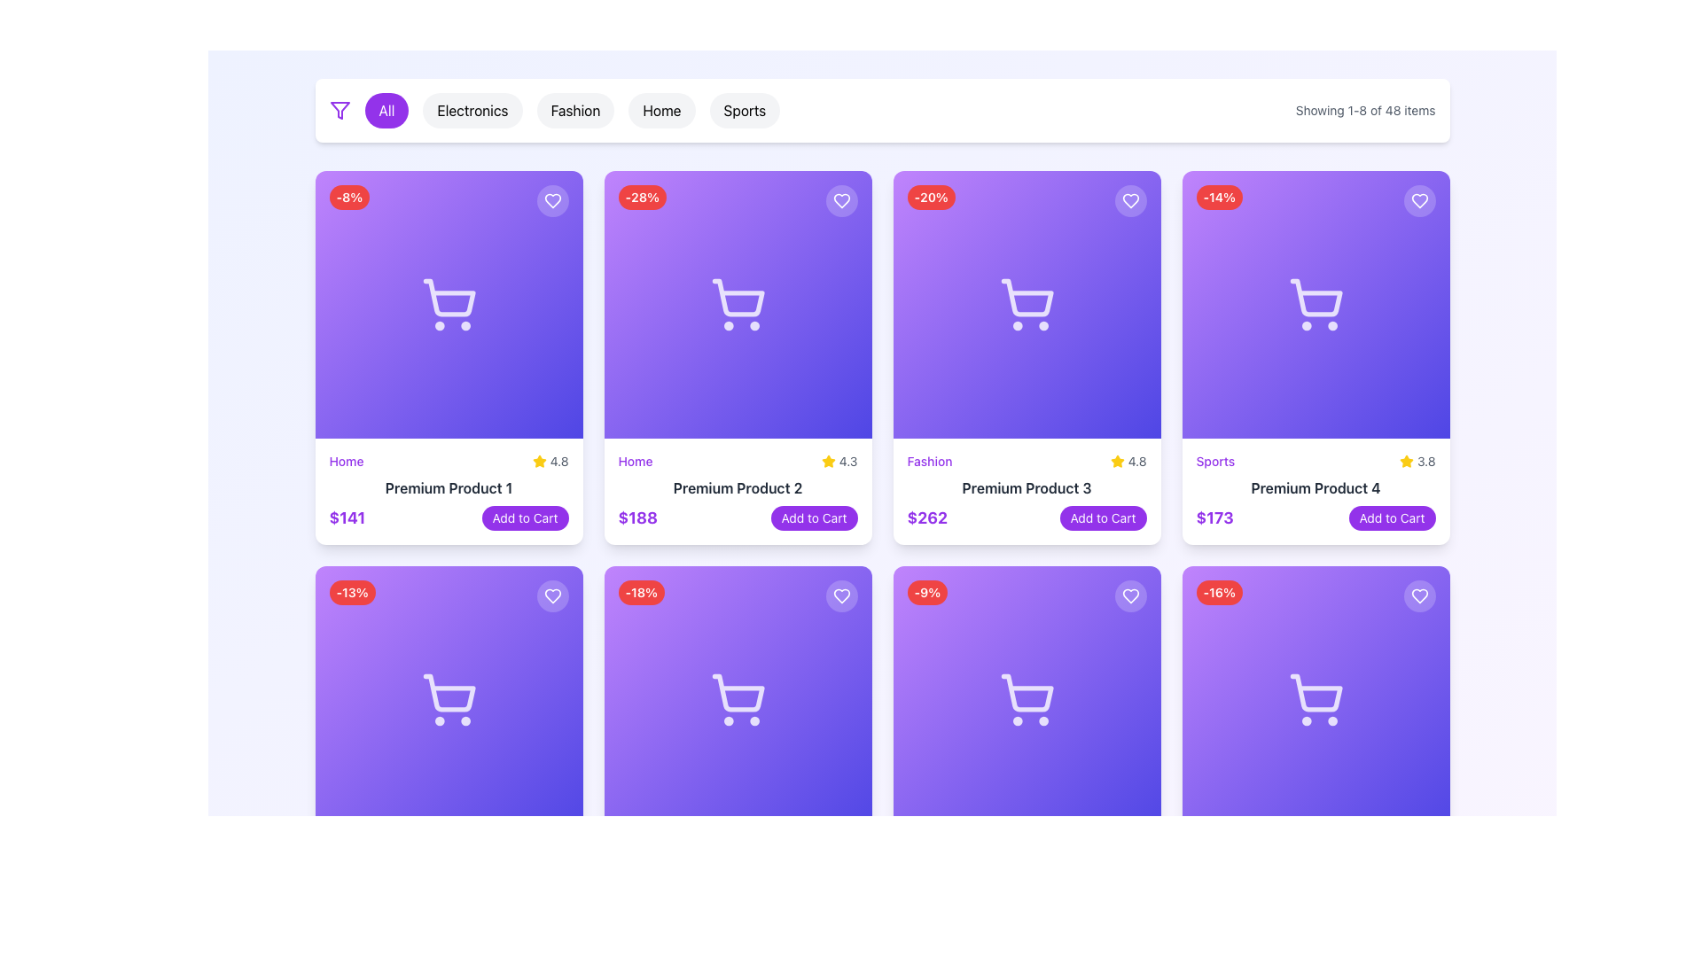 The width and height of the screenshot is (1702, 957). What do you see at coordinates (738, 692) in the screenshot?
I see `the main basket area of the shopping cart icon located in the central part of the icon, which is in the second row and second column of the grid layout` at bounding box center [738, 692].